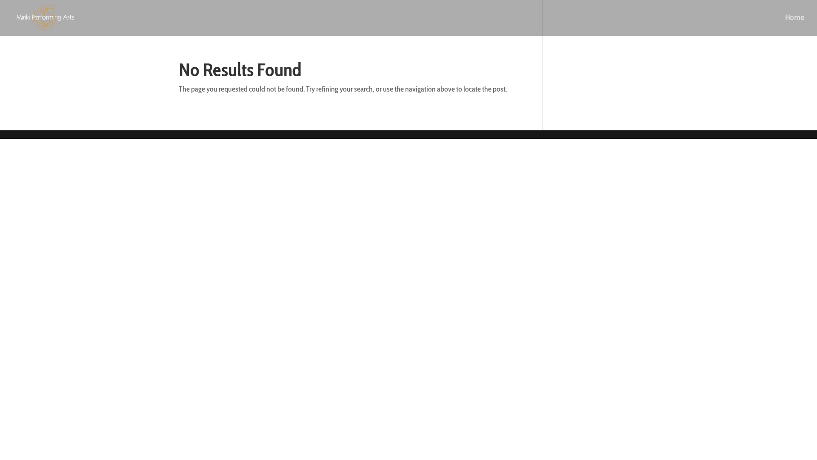 The width and height of the screenshot is (817, 460). What do you see at coordinates (794, 25) in the screenshot?
I see `'Home'` at bounding box center [794, 25].